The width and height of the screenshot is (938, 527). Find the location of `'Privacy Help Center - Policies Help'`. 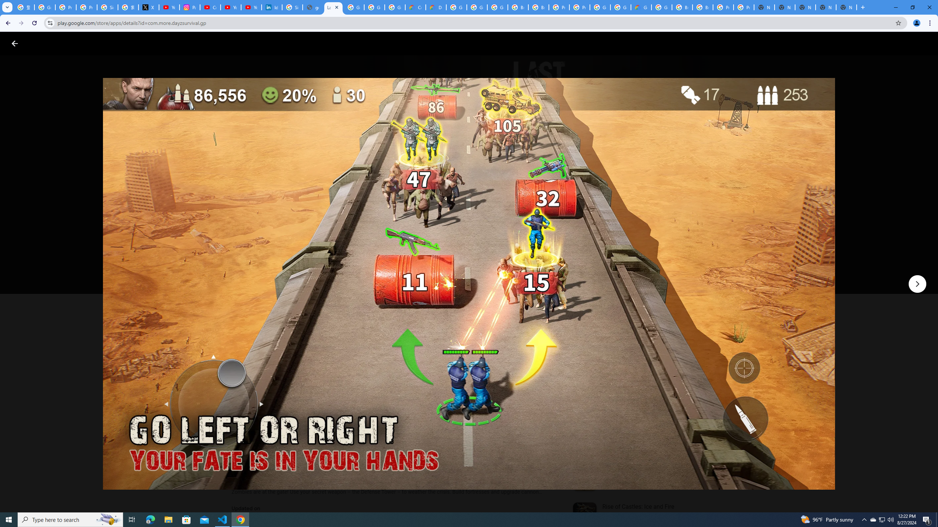

'Privacy Help Center - Policies Help' is located at coordinates (66, 7).